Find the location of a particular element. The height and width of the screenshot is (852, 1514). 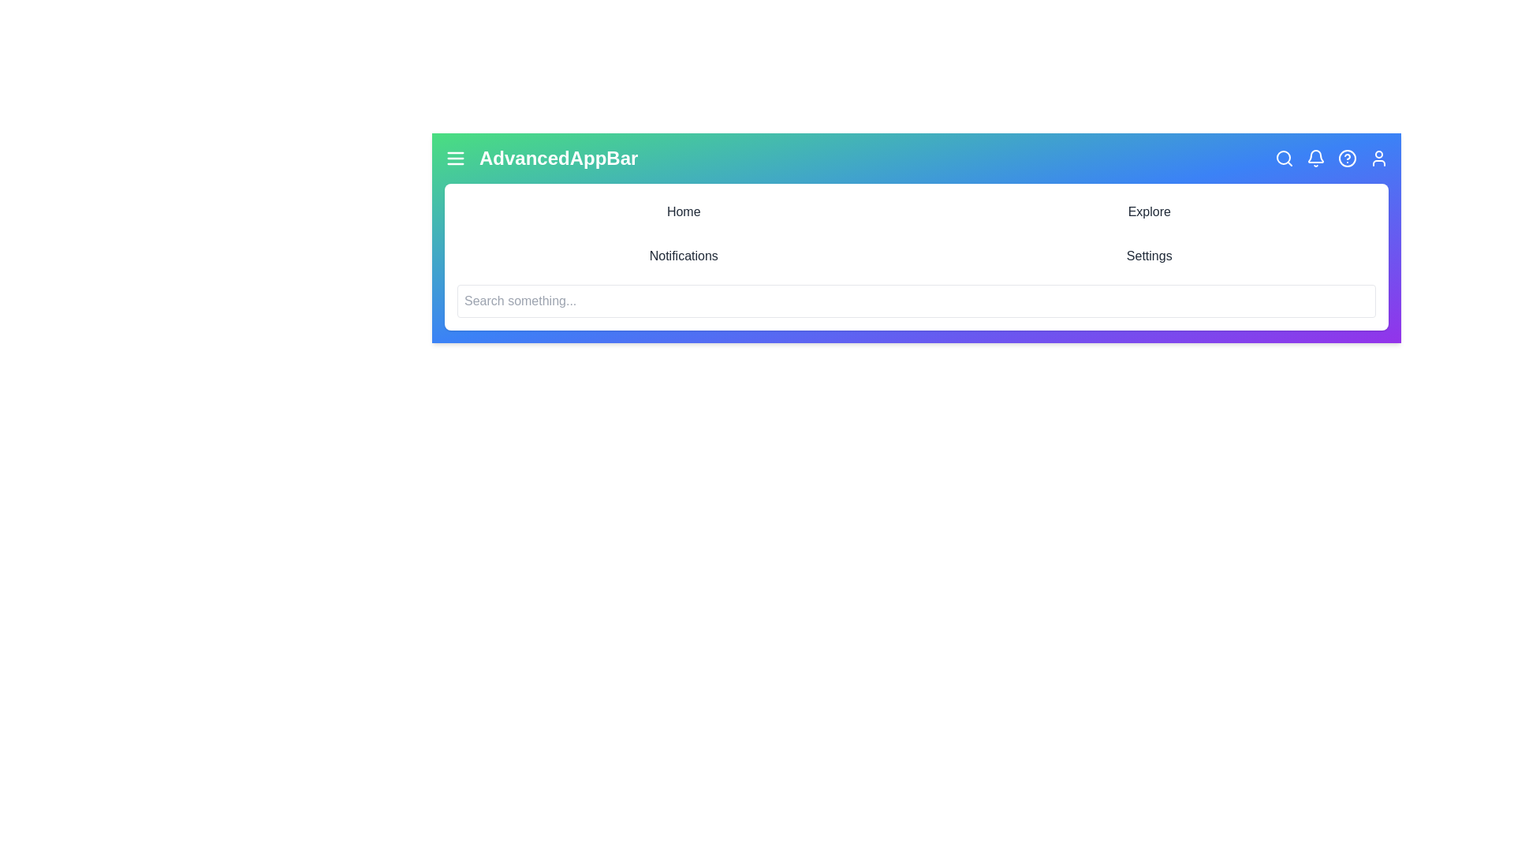

the menu item Explore to navigate to the corresponding section is located at coordinates (1149, 211).